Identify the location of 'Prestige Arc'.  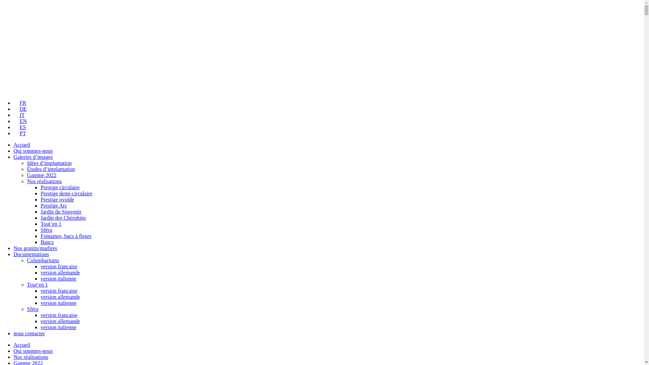
(40, 205).